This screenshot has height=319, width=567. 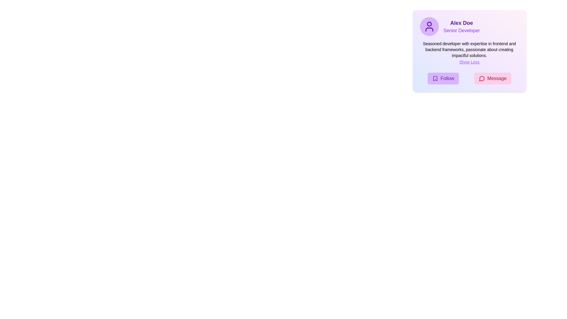 What do you see at coordinates (482, 78) in the screenshot?
I see `the speech bubble icon with a pink background, located inside the 'Message' button in the lower section of the user profile card` at bounding box center [482, 78].